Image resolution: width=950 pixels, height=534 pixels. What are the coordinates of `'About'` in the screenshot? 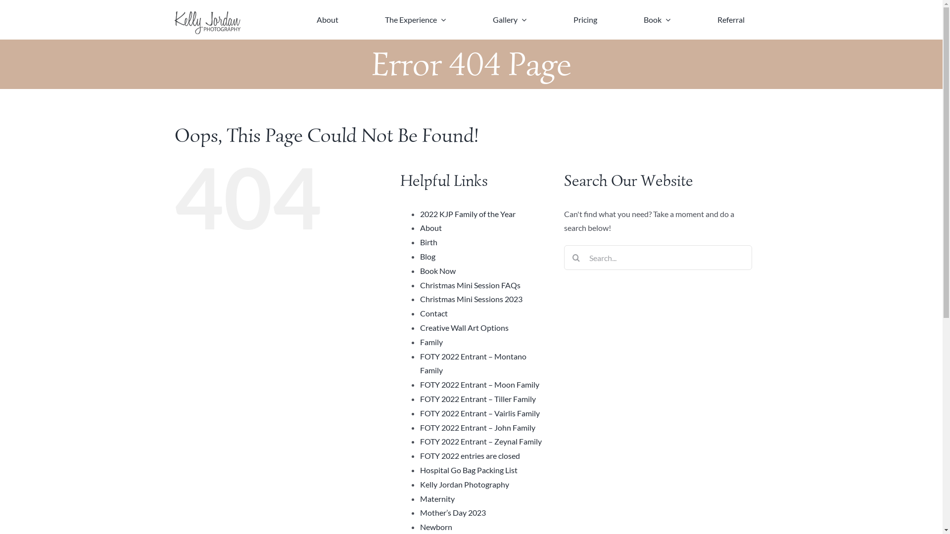 It's located at (303, 19).